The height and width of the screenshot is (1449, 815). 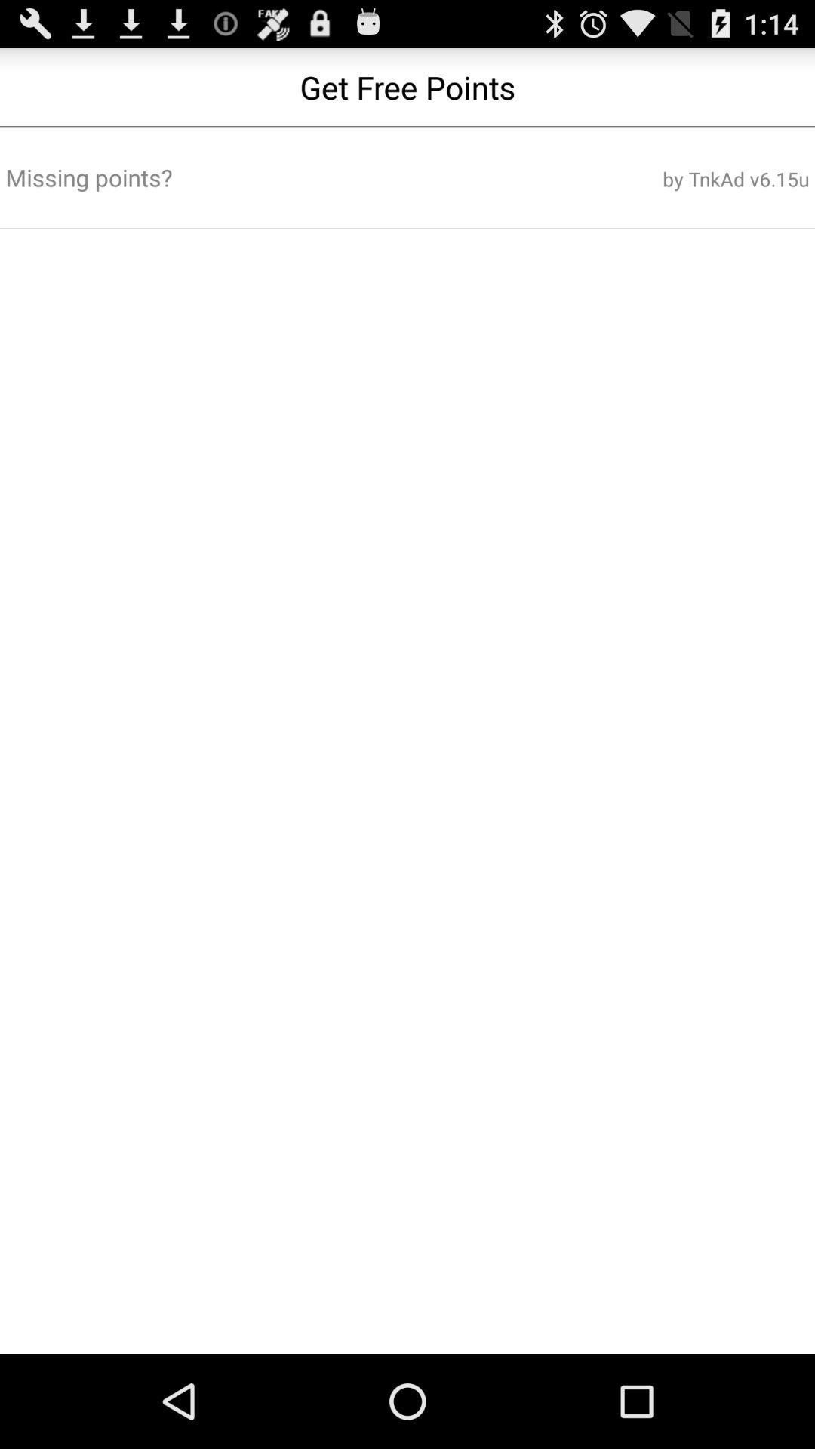 What do you see at coordinates (673, 179) in the screenshot?
I see `the button next to the missing points? icon` at bounding box center [673, 179].